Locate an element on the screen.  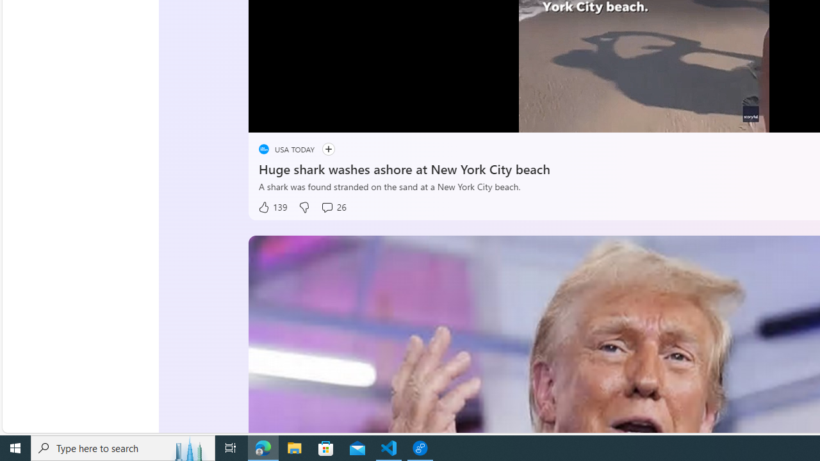
'View comments 26 Comment' is located at coordinates (333, 207).